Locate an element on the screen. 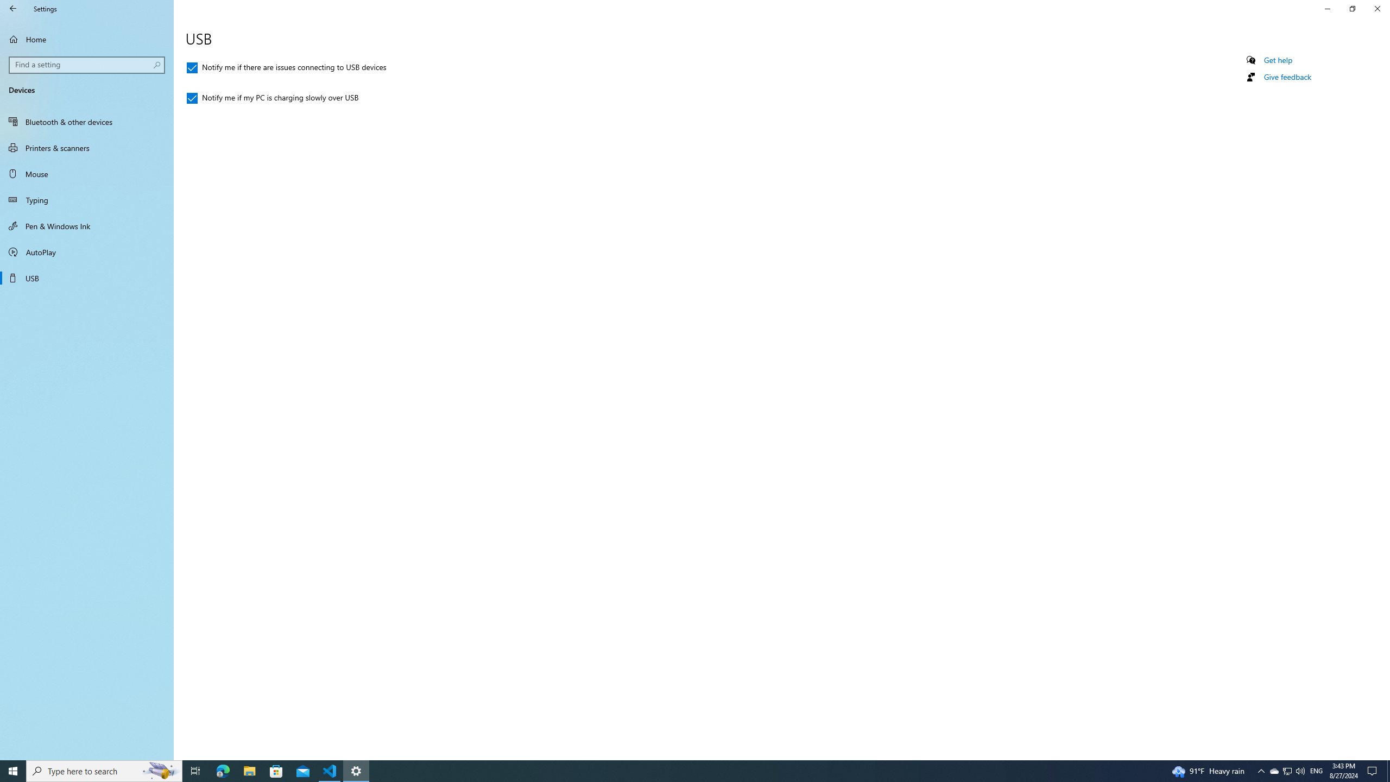 This screenshot has height=782, width=1390. 'Restore Settings' is located at coordinates (1352, 8).